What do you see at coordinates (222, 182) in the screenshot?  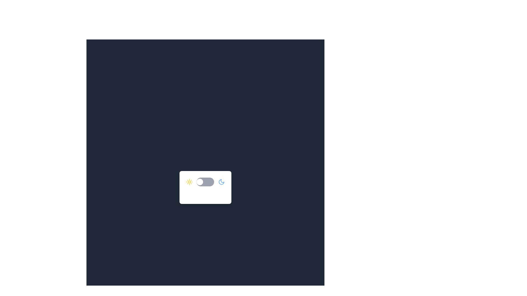 I see `the crescent moon icon located in the top-right corner of the user interface, which is used to toggle between day and night modes` at bounding box center [222, 182].